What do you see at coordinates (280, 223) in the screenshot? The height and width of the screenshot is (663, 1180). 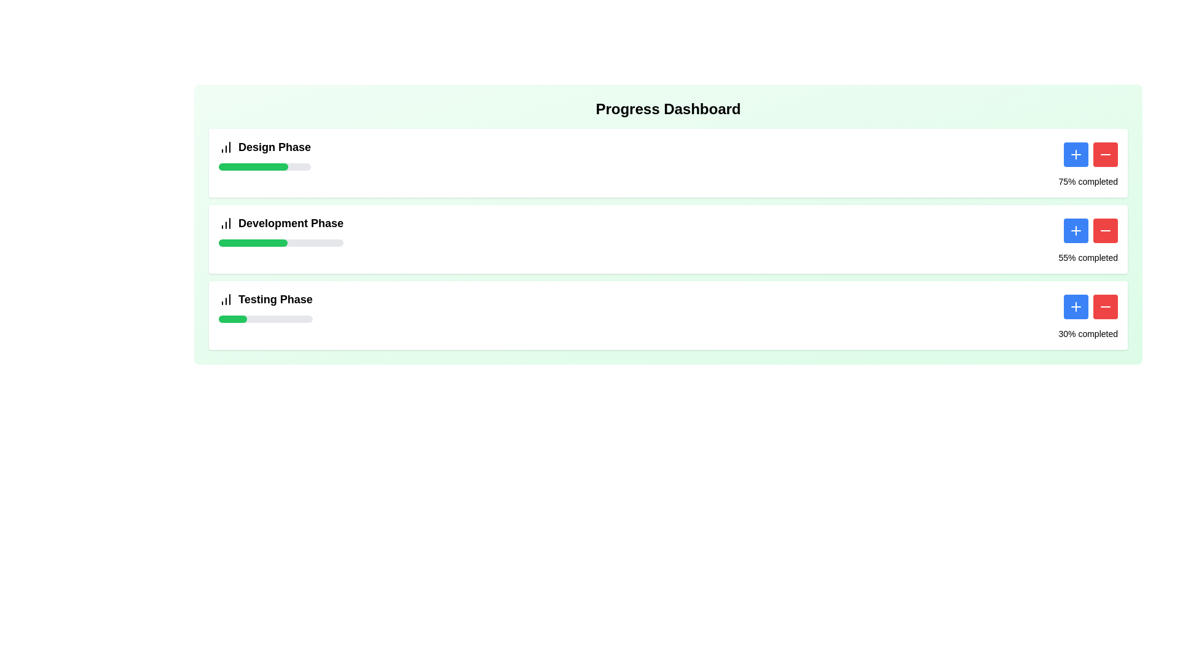 I see `the 'Development Phase' text label with an icon component, which is the second item in the vertical list of phases in the progress-tracking interface` at bounding box center [280, 223].